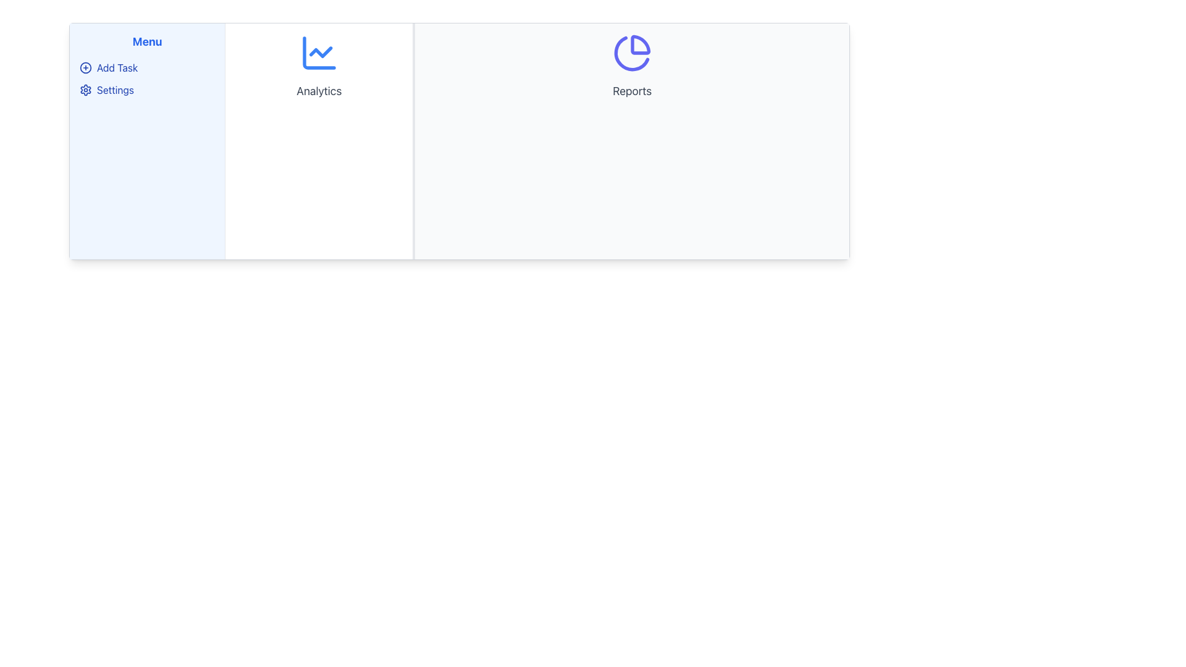  What do you see at coordinates (85, 68) in the screenshot?
I see `the hollow SVG Circle element located near the top left of the vertical menu, adjacent to the 'Add Task' label` at bounding box center [85, 68].